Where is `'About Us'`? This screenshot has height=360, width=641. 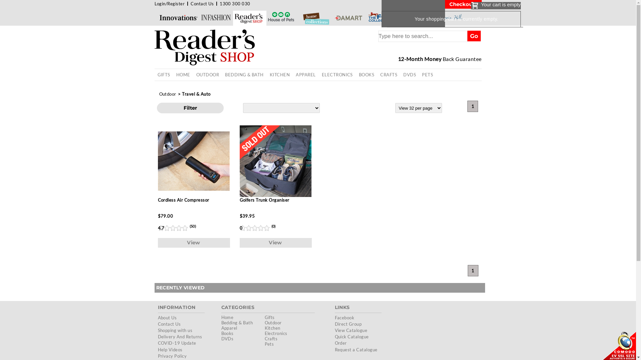 'About Us' is located at coordinates (167, 317).